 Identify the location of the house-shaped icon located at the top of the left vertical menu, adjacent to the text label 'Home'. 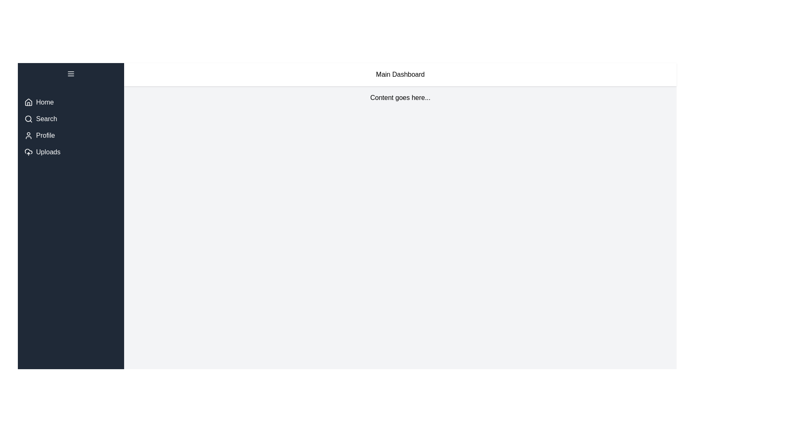
(28, 102).